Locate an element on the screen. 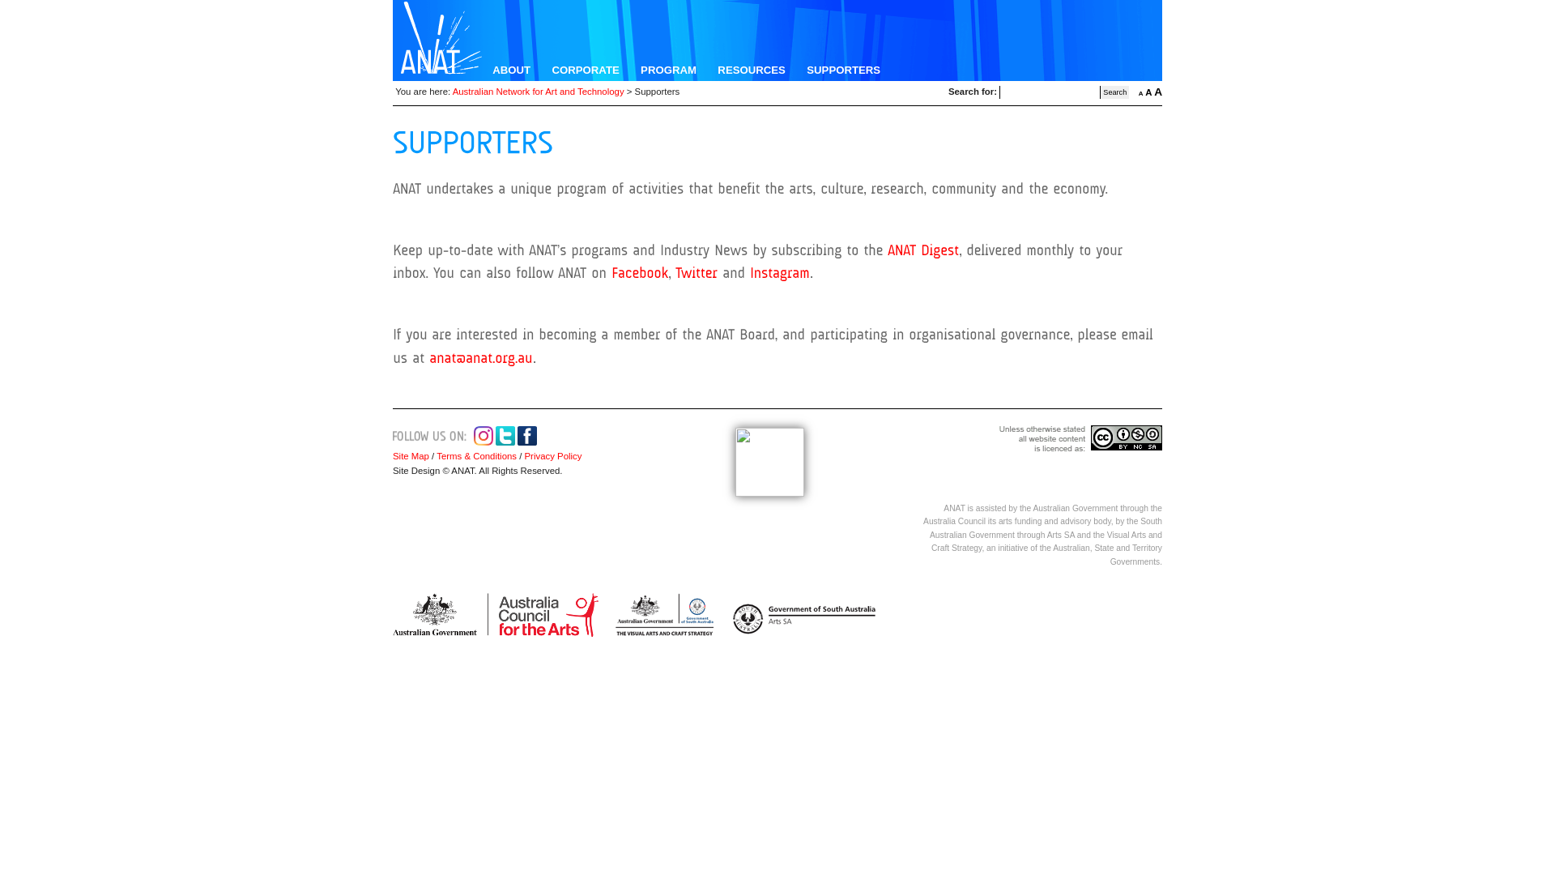 This screenshot has width=1555, height=875. 'Privacy Policy' is located at coordinates (521, 456).